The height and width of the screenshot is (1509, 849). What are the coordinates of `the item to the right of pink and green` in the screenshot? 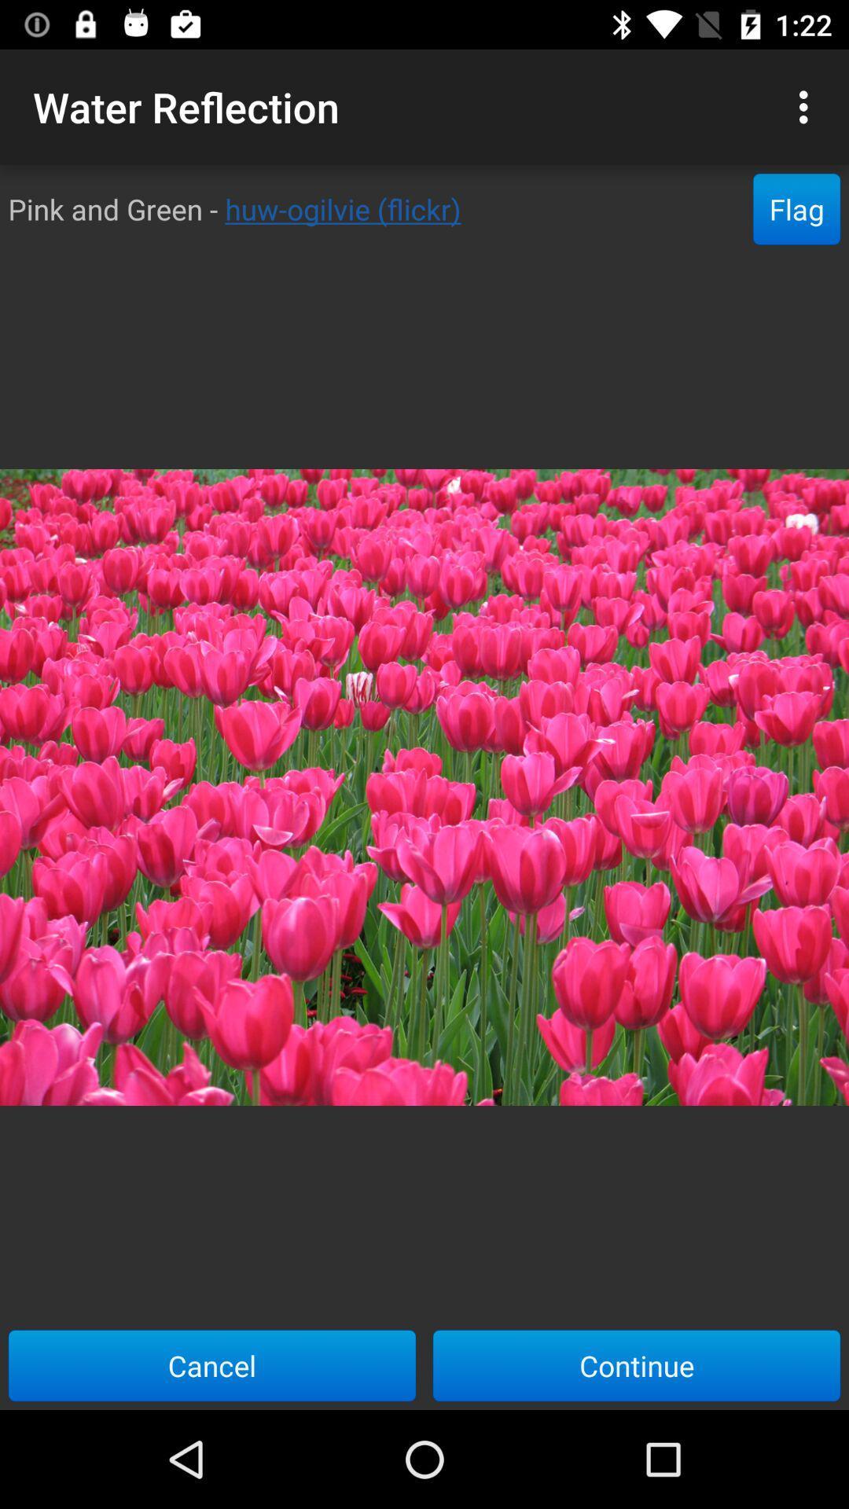 It's located at (796, 208).